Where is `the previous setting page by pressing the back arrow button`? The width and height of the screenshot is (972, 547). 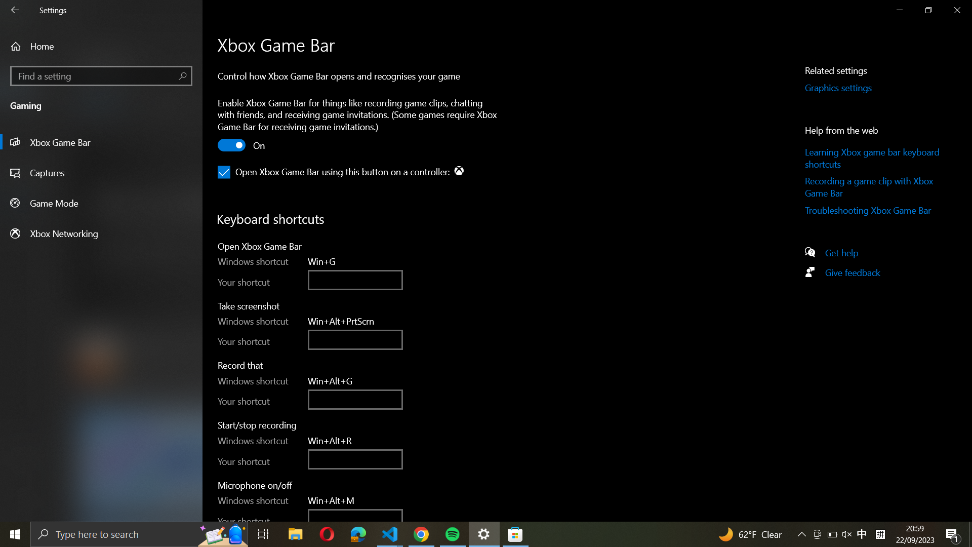
the previous setting page by pressing the back arrow button is located at coordinates (16, 11).